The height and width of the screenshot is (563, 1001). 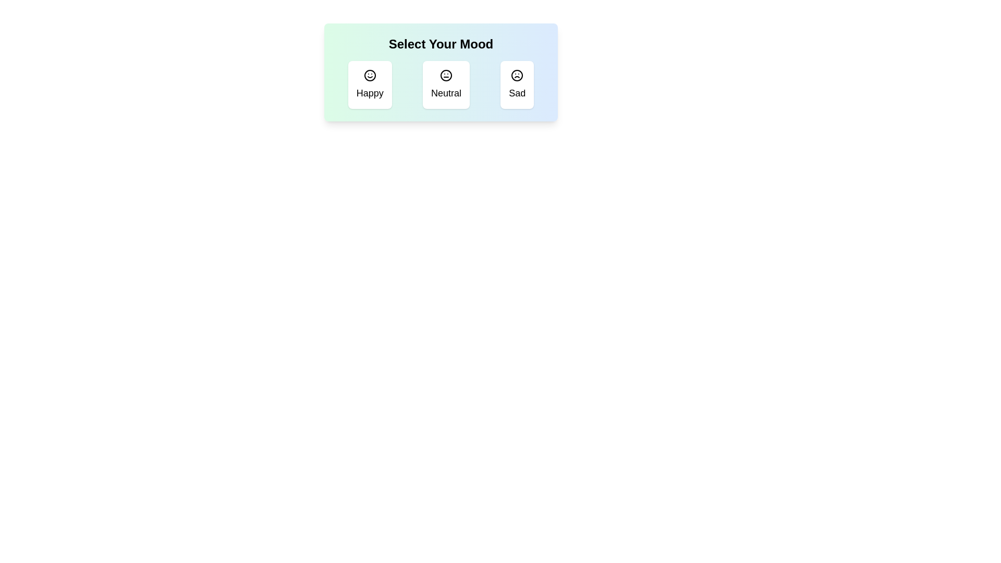 I want to click on the mood icon corresponding to Sad to toggle its selection, so click(x=517, y=84).